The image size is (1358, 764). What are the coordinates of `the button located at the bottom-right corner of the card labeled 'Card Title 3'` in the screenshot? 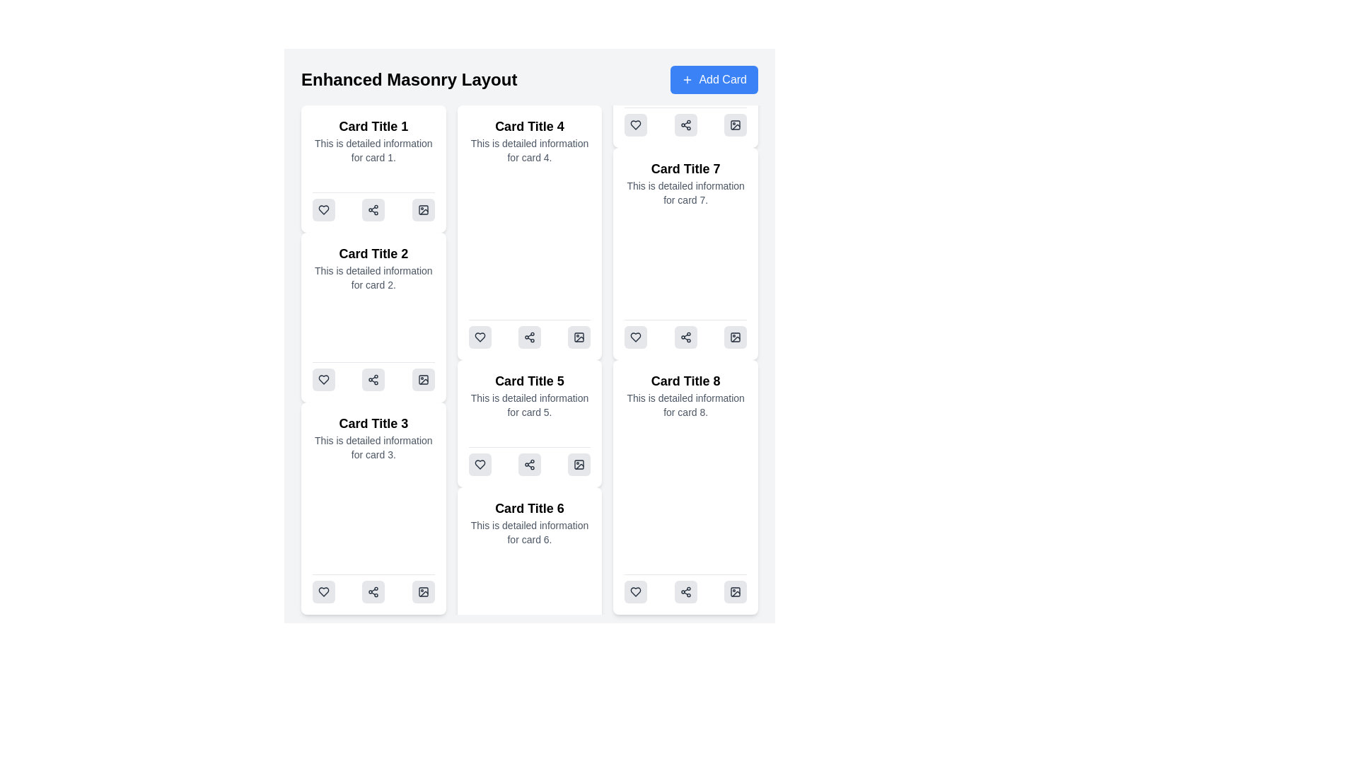 It's located at (422, 378).